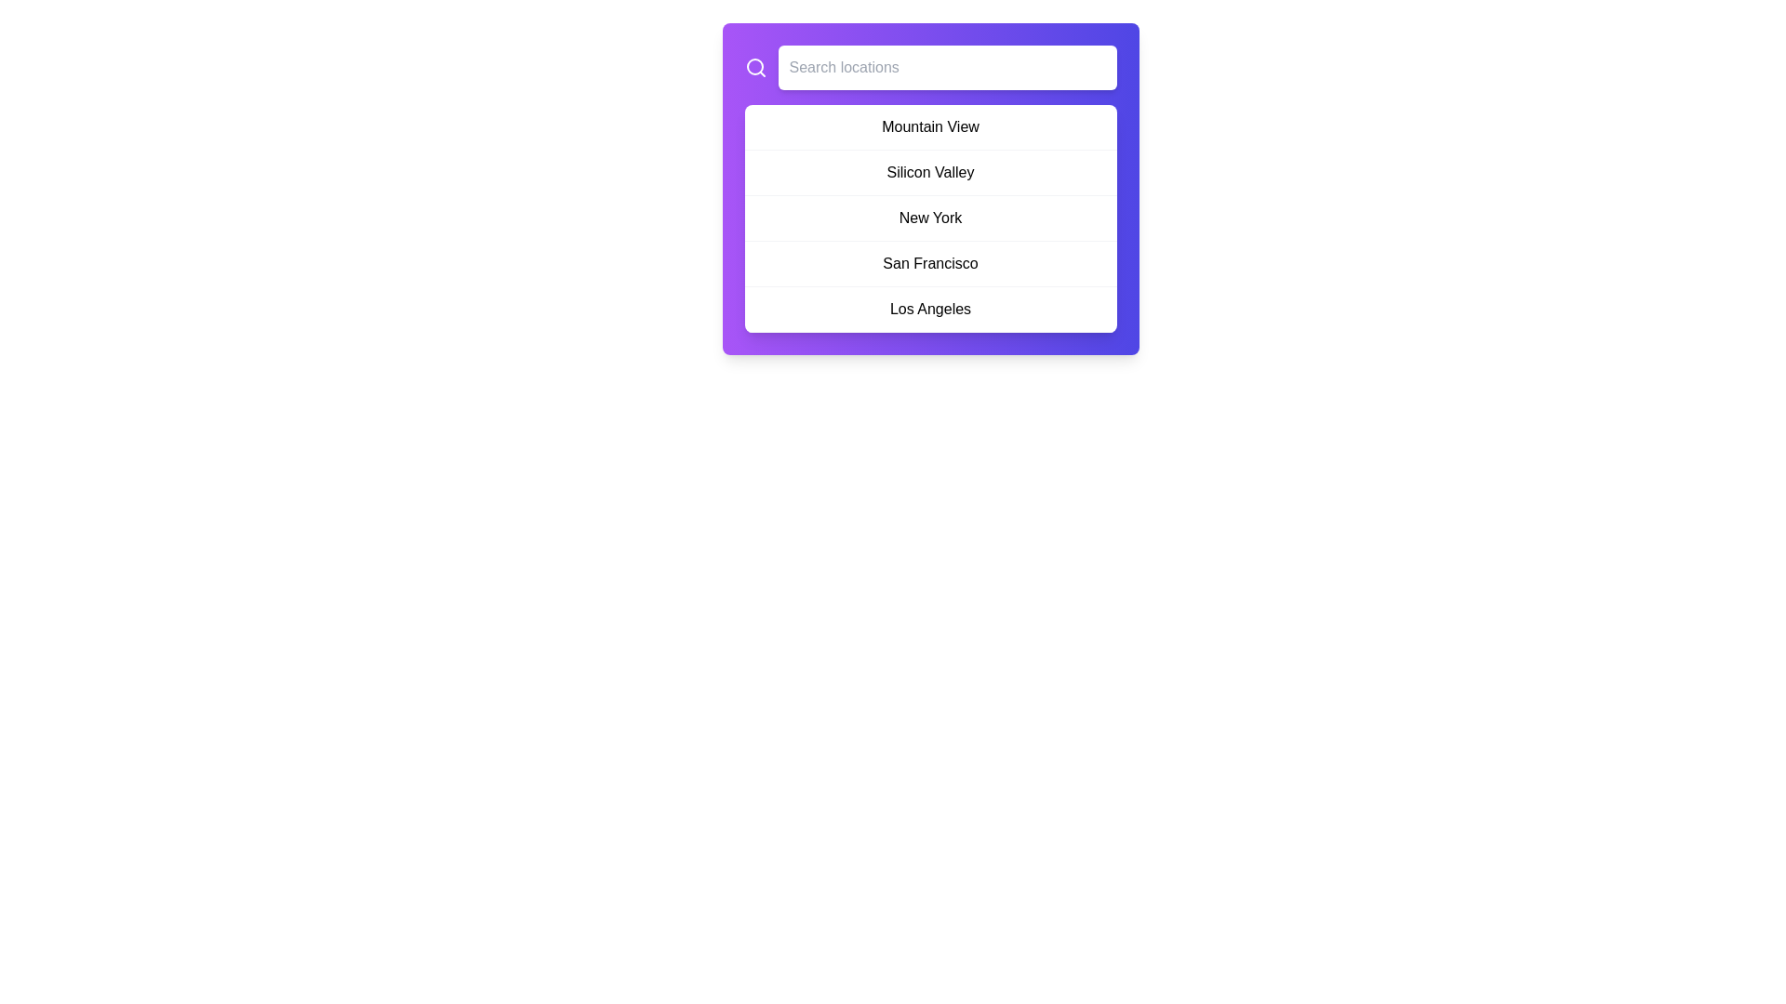 Image resolution: width=1786 pixels, height=1004 pixels. Describe the element at coordinates (930, 173) in the screenshot. I see `the 'Silicon Valley' menu item, which is the second option in the pop-up menu` at that location.